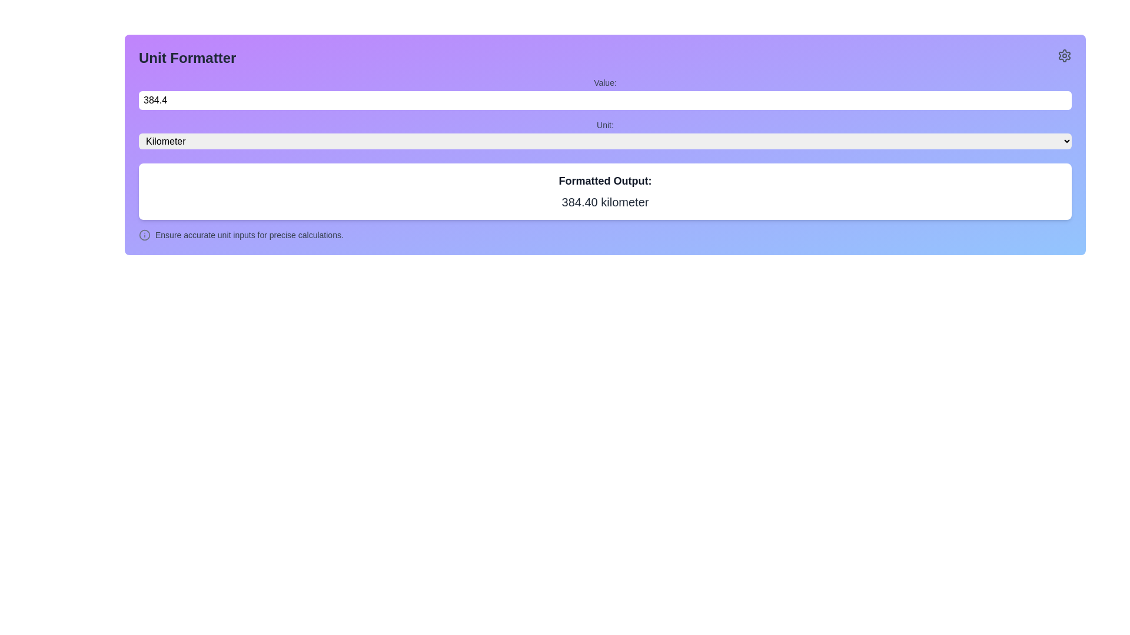 The width and height of the screenshot is (1130, 635). I want to click on the dropdown menu labeled 'Kilometer', so click(605, 141).